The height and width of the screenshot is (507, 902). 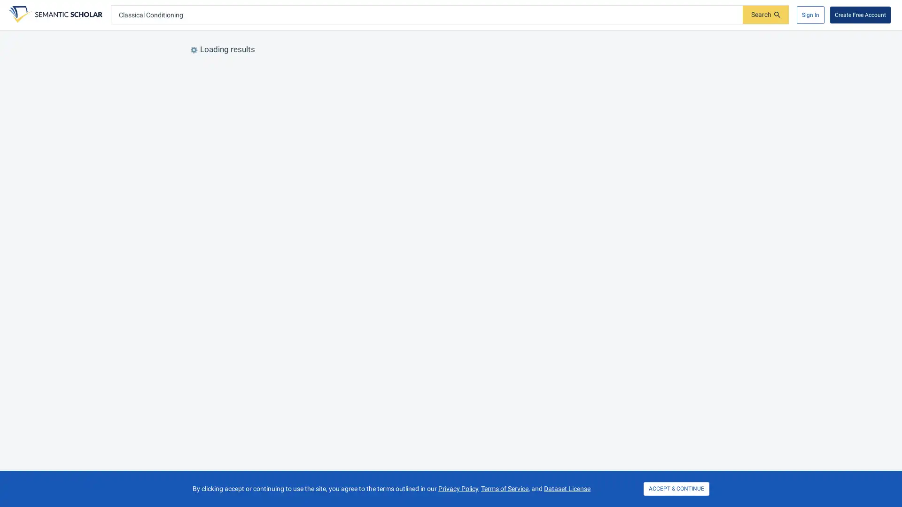 I want to click on Cite this paper, so click(x=331, y=481).